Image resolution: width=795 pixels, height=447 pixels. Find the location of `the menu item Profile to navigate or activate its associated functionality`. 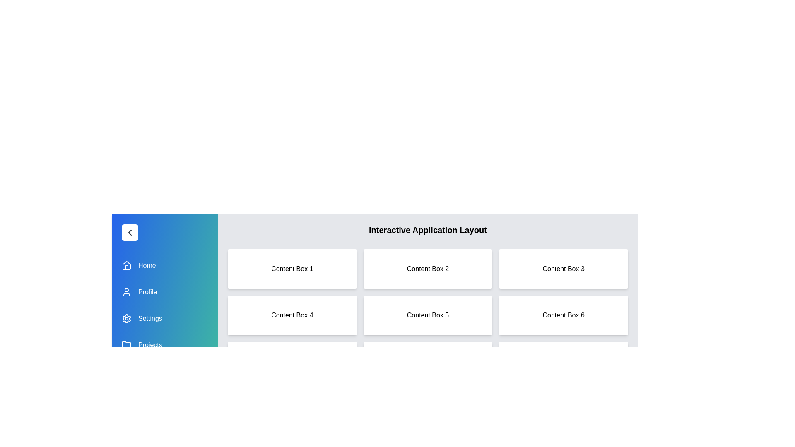

the menu item Profile to navigate or activate its associated functionality is located at coordinates (165, 291).